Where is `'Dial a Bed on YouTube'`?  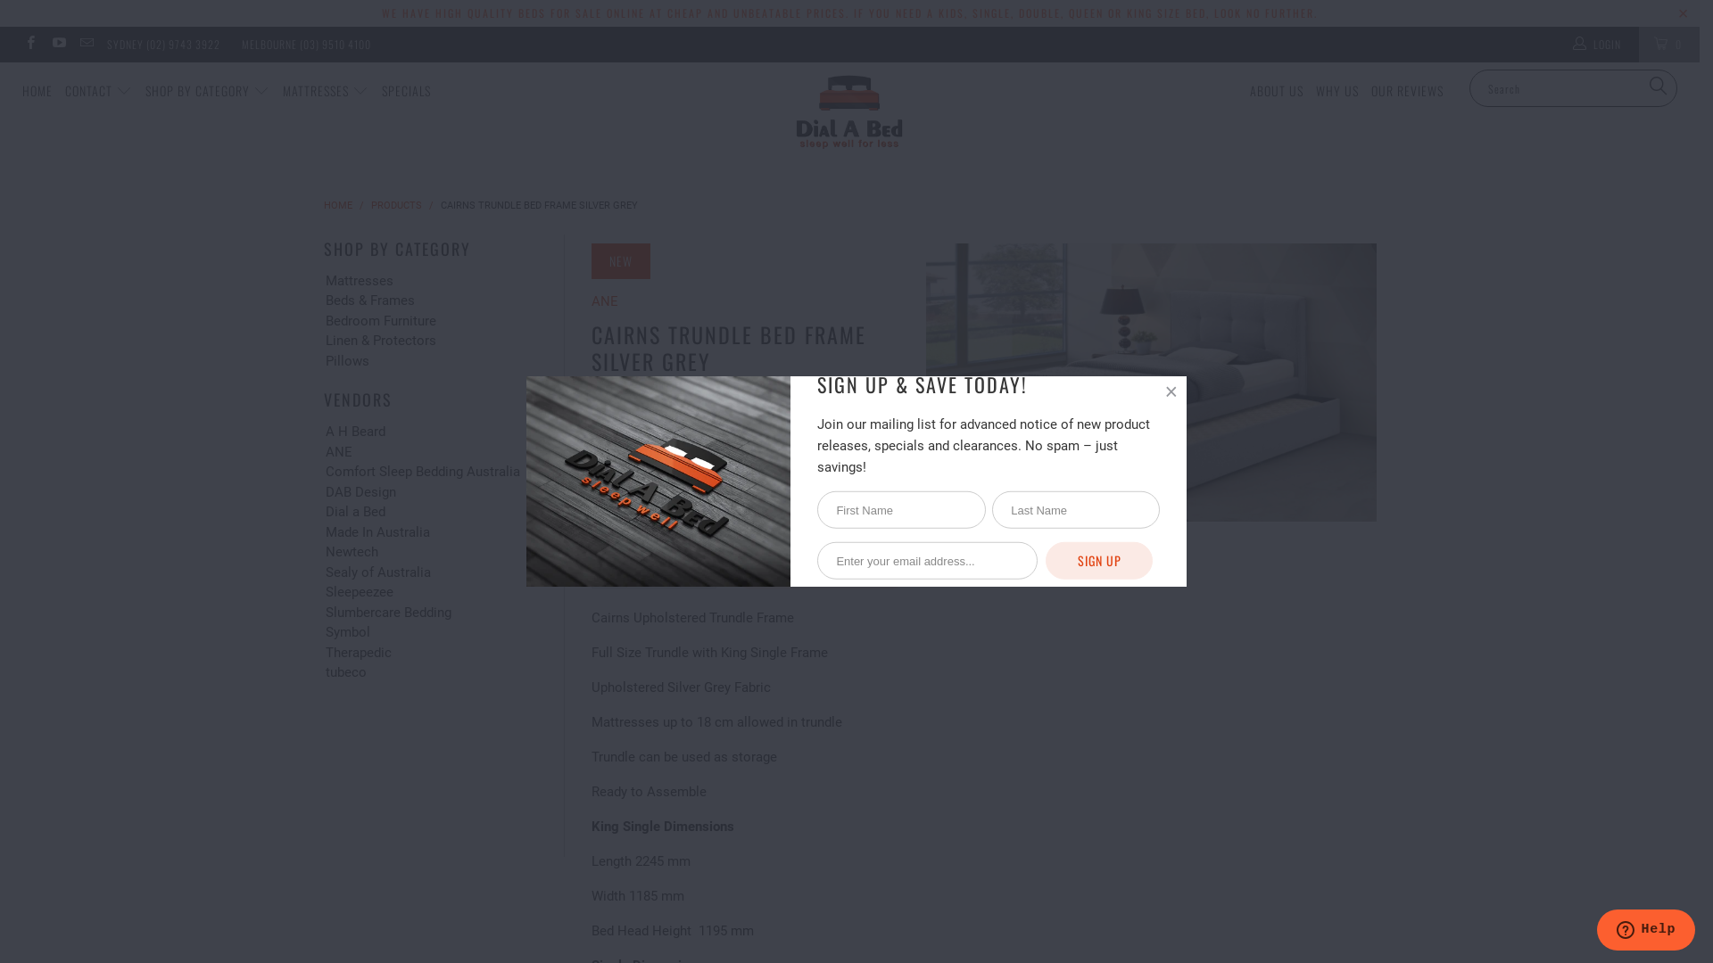 'Dial a Bed on YouTube' is located at coordinates (57, 44).